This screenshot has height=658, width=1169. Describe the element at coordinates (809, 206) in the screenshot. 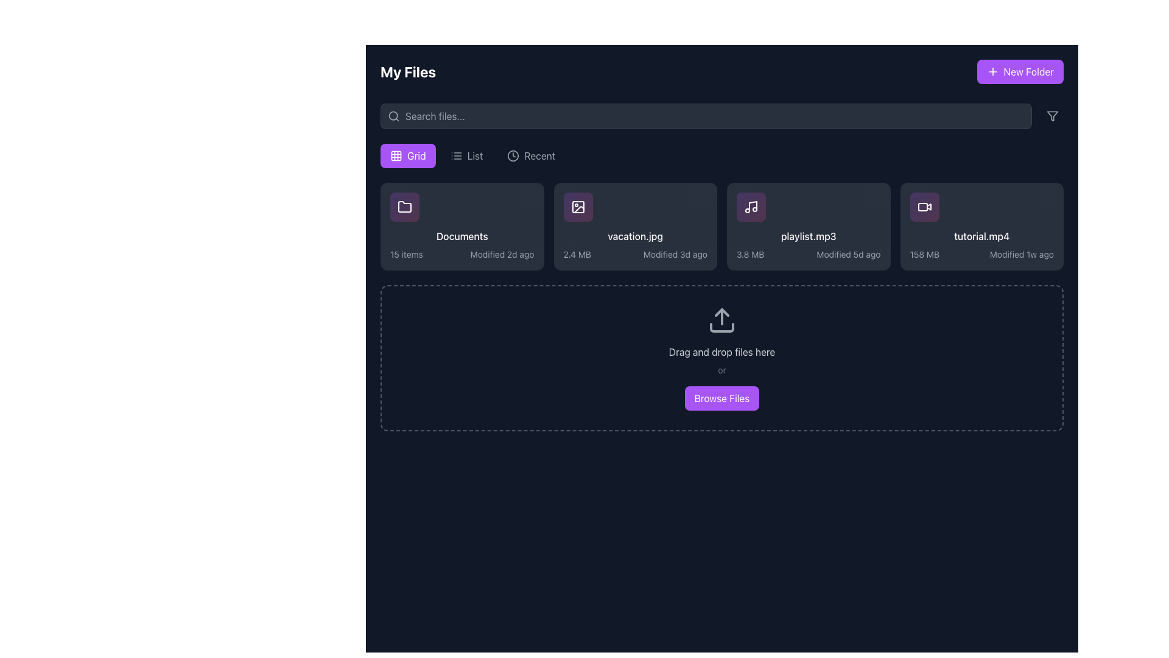

I see `the content of the horizontal bar containing a musical note icon, filename 'playlist.mp3', and metadata '3.8 MB Modified 5d ago'` at that location.